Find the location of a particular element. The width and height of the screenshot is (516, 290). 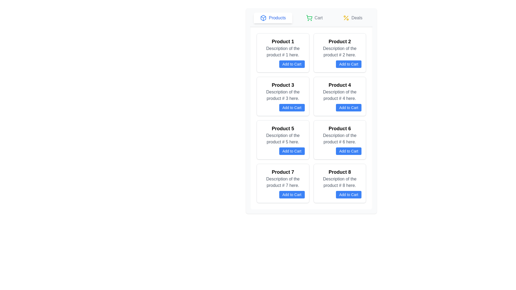

the text label displaying 'Cart' located on the top right side of the user interface, adjacent to a green shopping cart icon is located at coordinates (318, 17).